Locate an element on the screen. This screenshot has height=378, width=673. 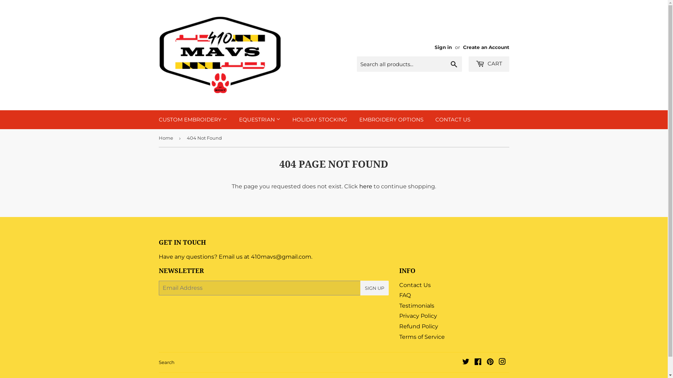
'CUSTOM EMBROIDERY' is located at coordinates (153, 119).